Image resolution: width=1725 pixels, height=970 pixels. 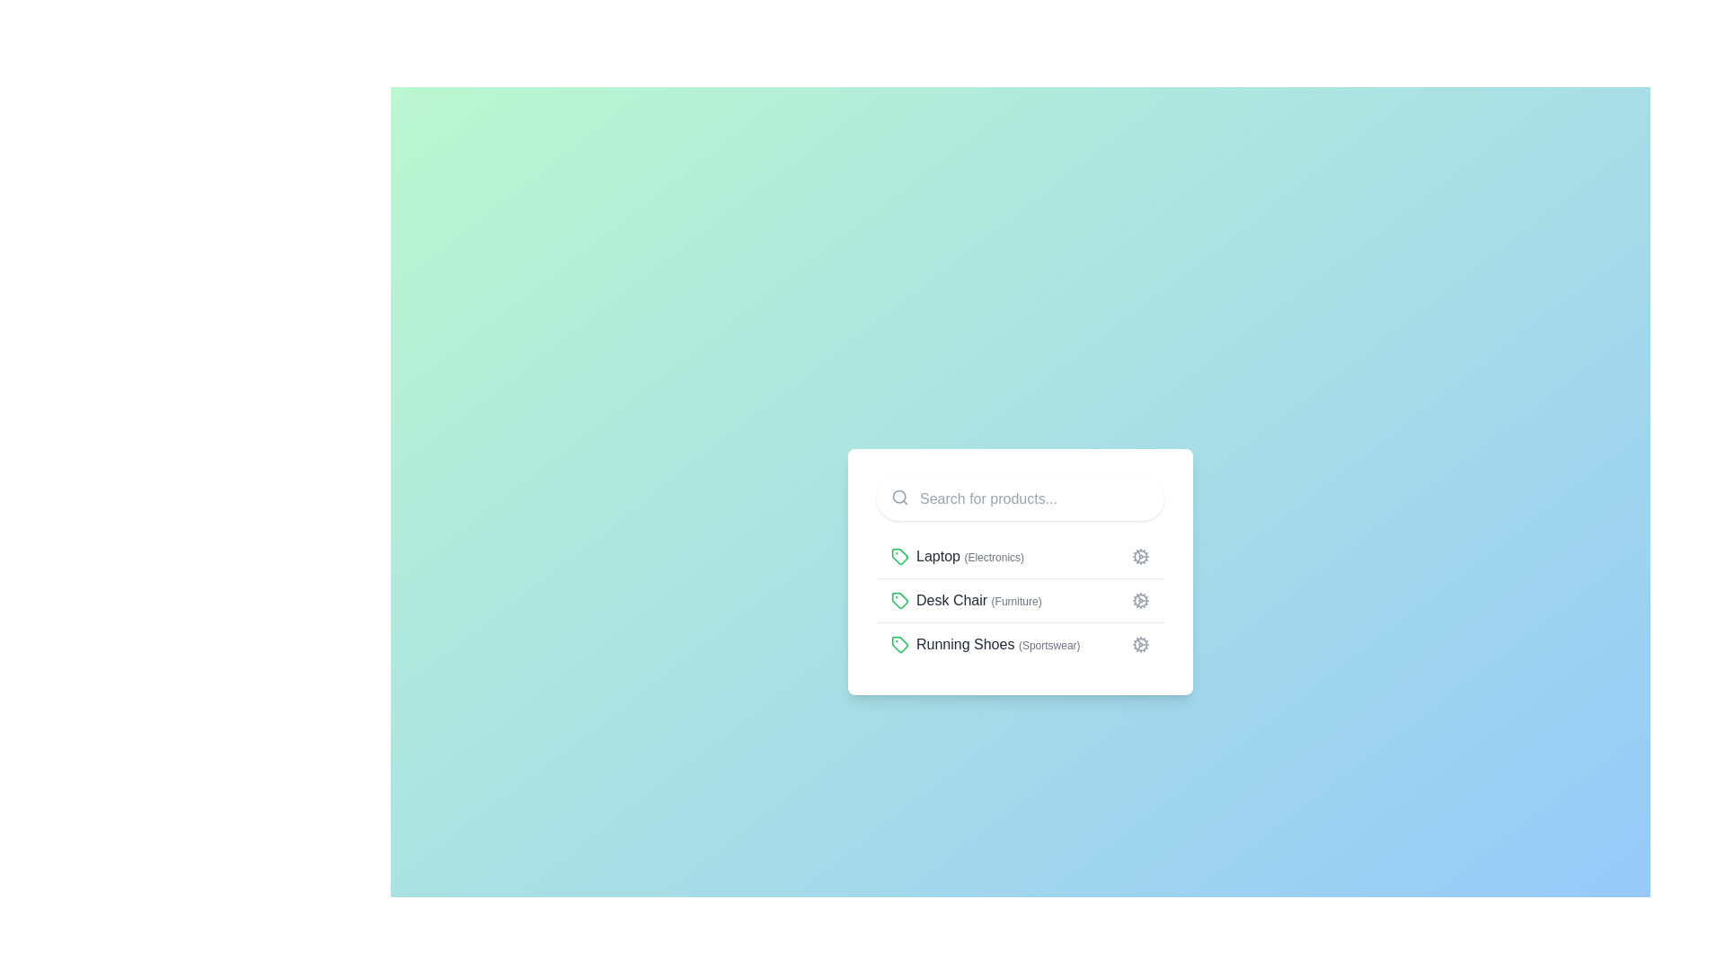 I want to click on the text label displaying 'Running Shoes (Sportswear)', so click(x=997, y=643).